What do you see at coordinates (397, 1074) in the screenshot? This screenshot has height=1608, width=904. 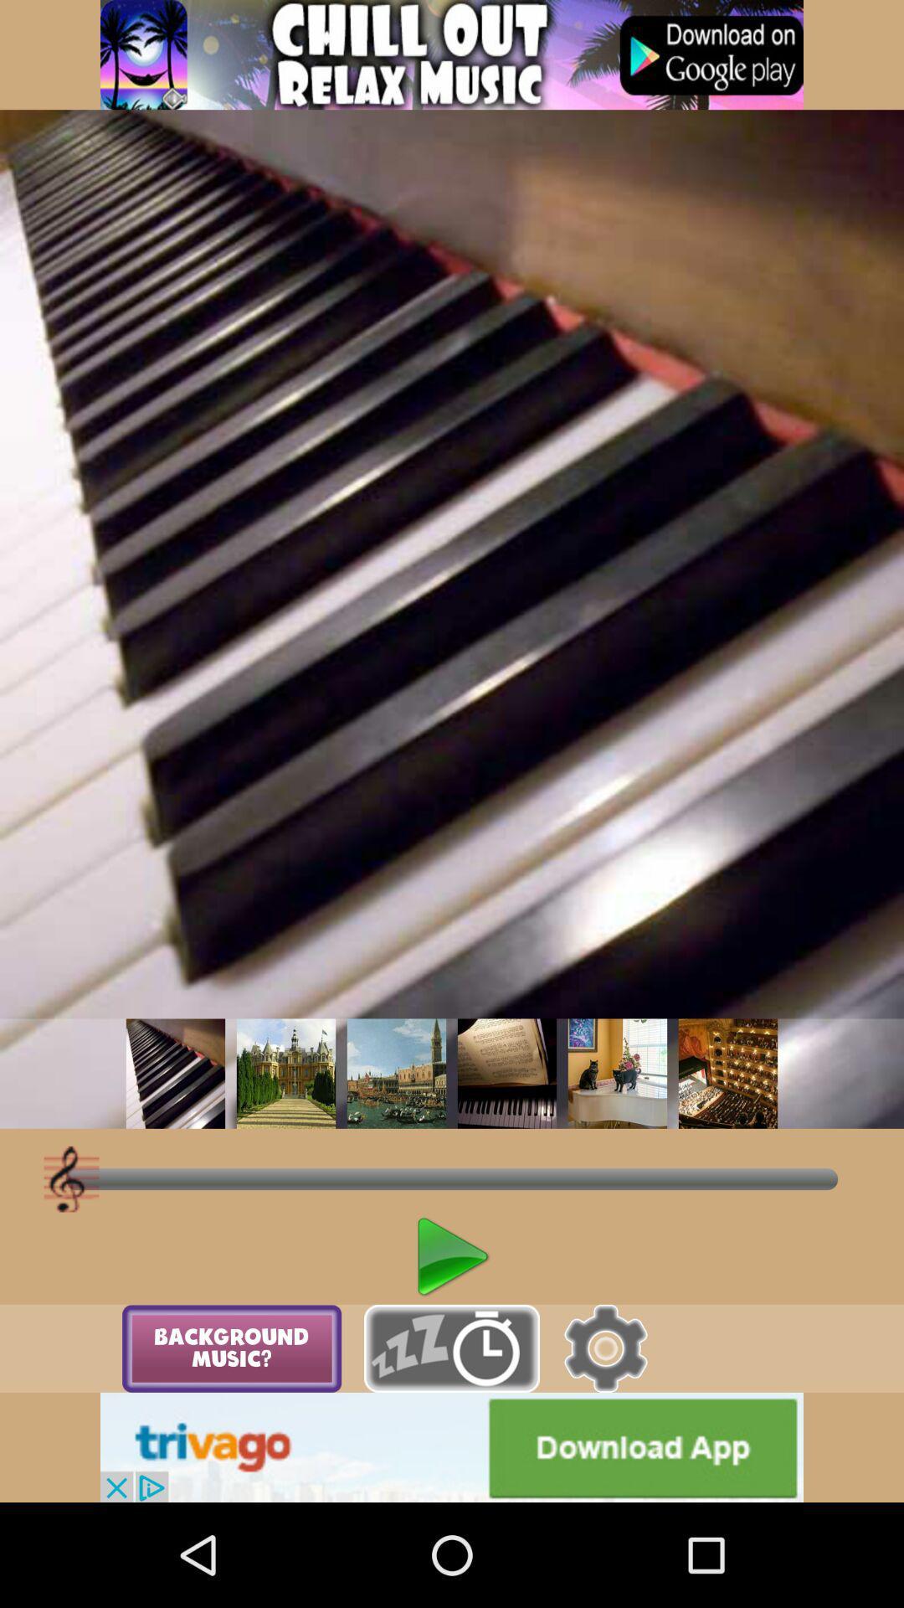 I see `variable picture` at bounding box center [397, 1074].